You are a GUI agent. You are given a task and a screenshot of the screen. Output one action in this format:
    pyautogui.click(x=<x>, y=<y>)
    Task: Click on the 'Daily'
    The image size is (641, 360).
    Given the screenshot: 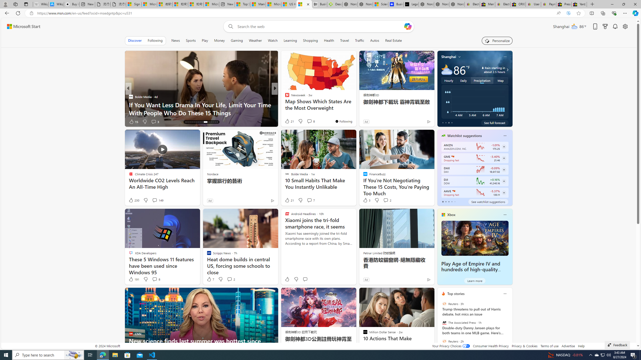 What is the action you would take?
    pyautogui.click(x=463, y=80)
    